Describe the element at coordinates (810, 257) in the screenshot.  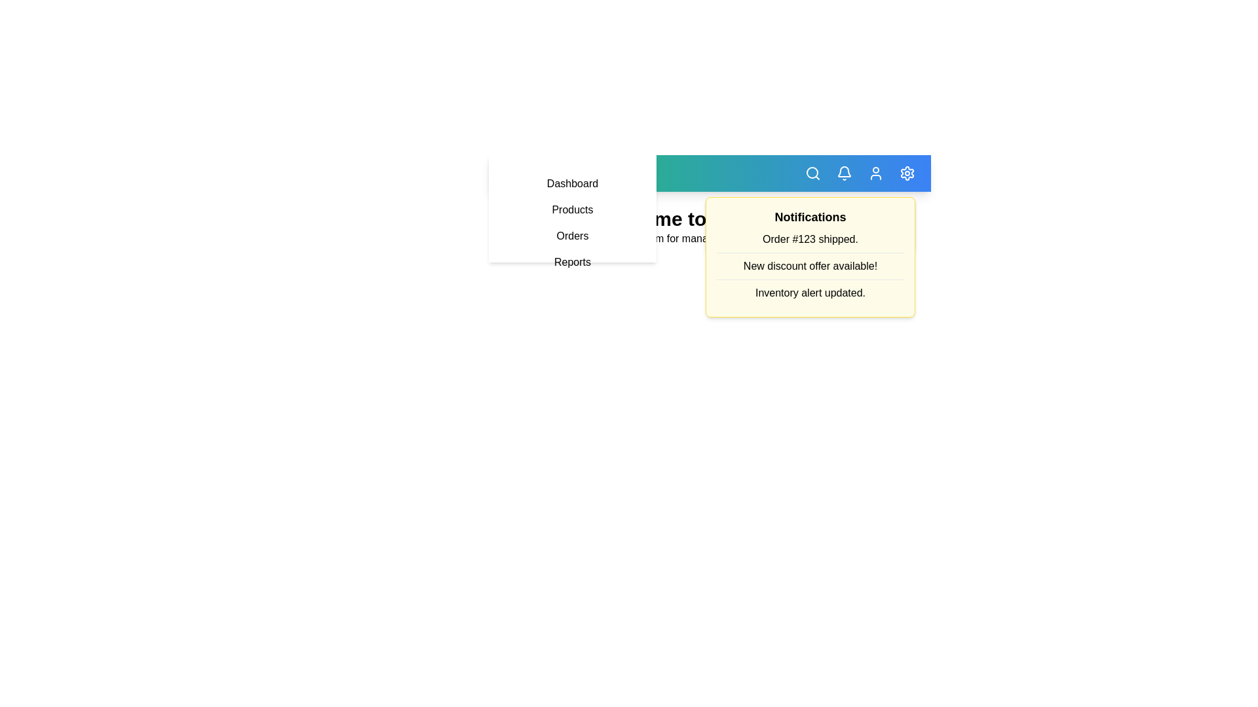
I see `the notification text field displaying 'New discount offer available!' which is the second item in the list of notifications` at that location.